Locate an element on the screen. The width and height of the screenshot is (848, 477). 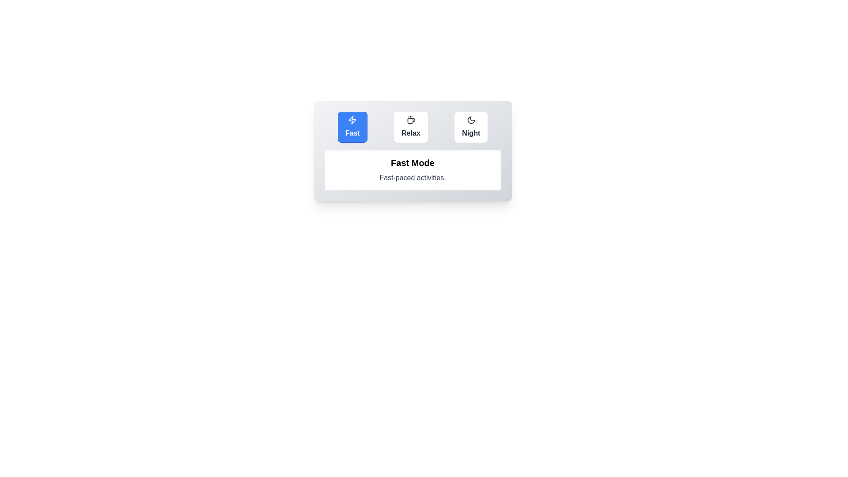
the small blue lightning bolt icon located above the 'Fast' label on the rectangular button is located at coordinates (352, 120).